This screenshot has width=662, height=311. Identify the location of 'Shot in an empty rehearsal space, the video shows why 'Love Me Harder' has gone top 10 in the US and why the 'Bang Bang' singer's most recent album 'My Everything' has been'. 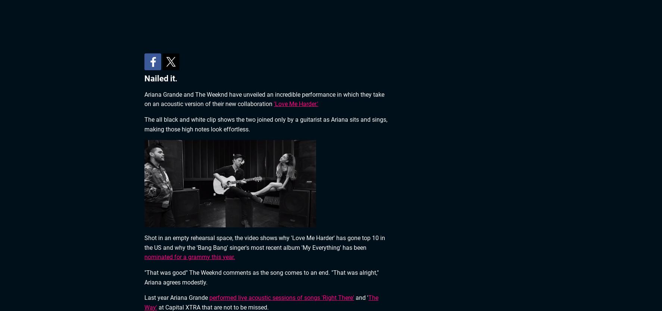
(144, 242).